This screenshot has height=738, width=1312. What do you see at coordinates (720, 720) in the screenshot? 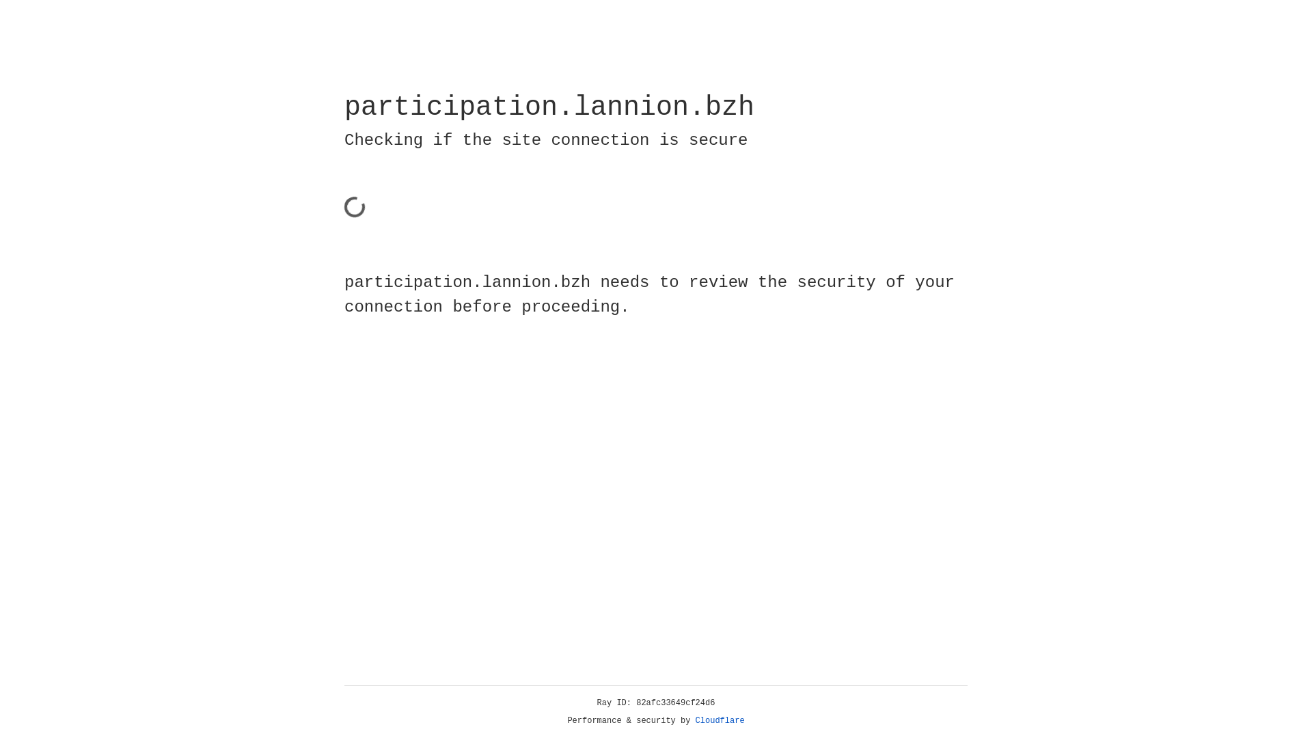
I see `'Cloudflare'` at bounding box center [720, 720].